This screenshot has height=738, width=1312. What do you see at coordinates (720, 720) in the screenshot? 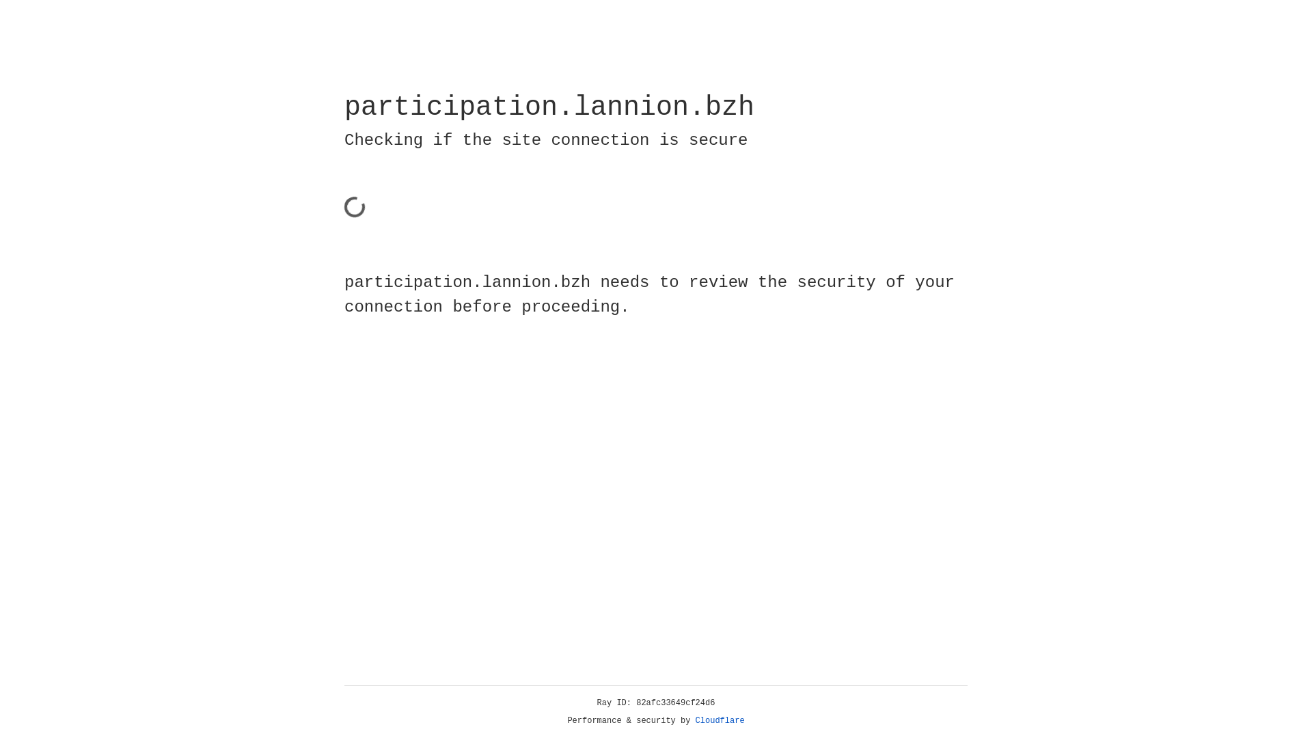
I see `'Cloudflare'` at bounding box center [720, 720].